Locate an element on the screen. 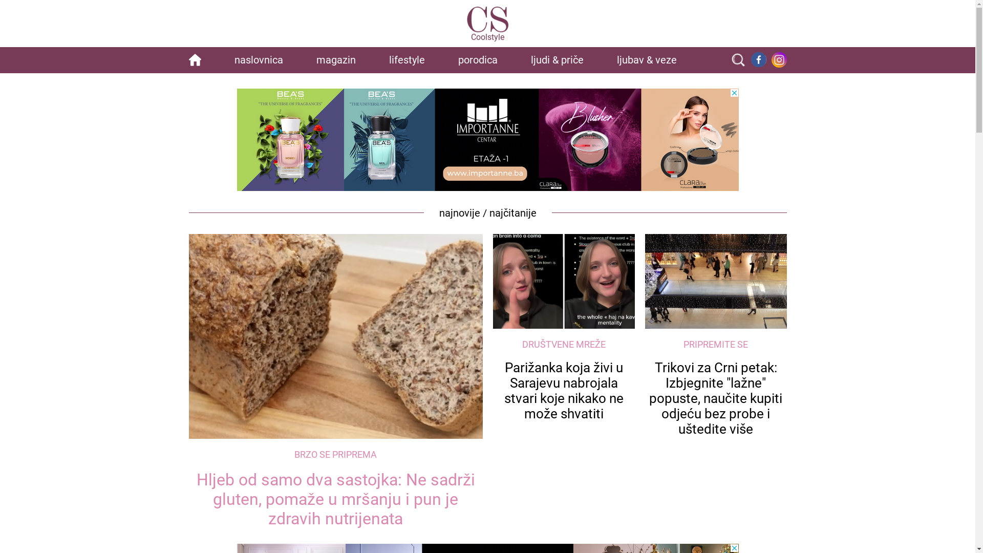 The height and width of the screenshot is (553, 983). 'PRIPREMITE SE' is located at coordinates (715, 344).